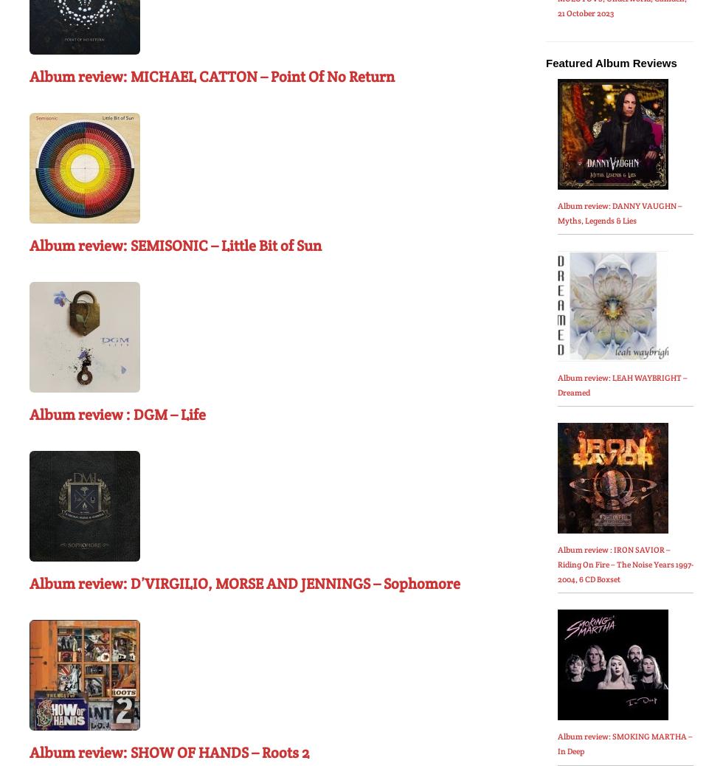  What do you see at coordinates (621, 384) in the screenshot?
I see `'Album review: LEAH WAYBRIGHT – Dreamed'` at bounding box center [621, 384].